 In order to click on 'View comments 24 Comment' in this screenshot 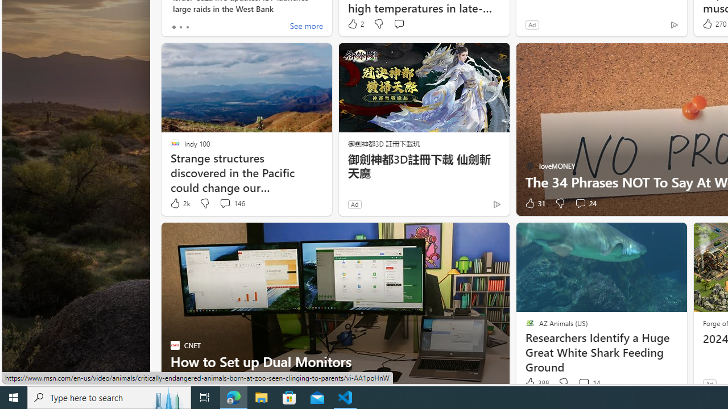, I will do `click(580, 202)`.